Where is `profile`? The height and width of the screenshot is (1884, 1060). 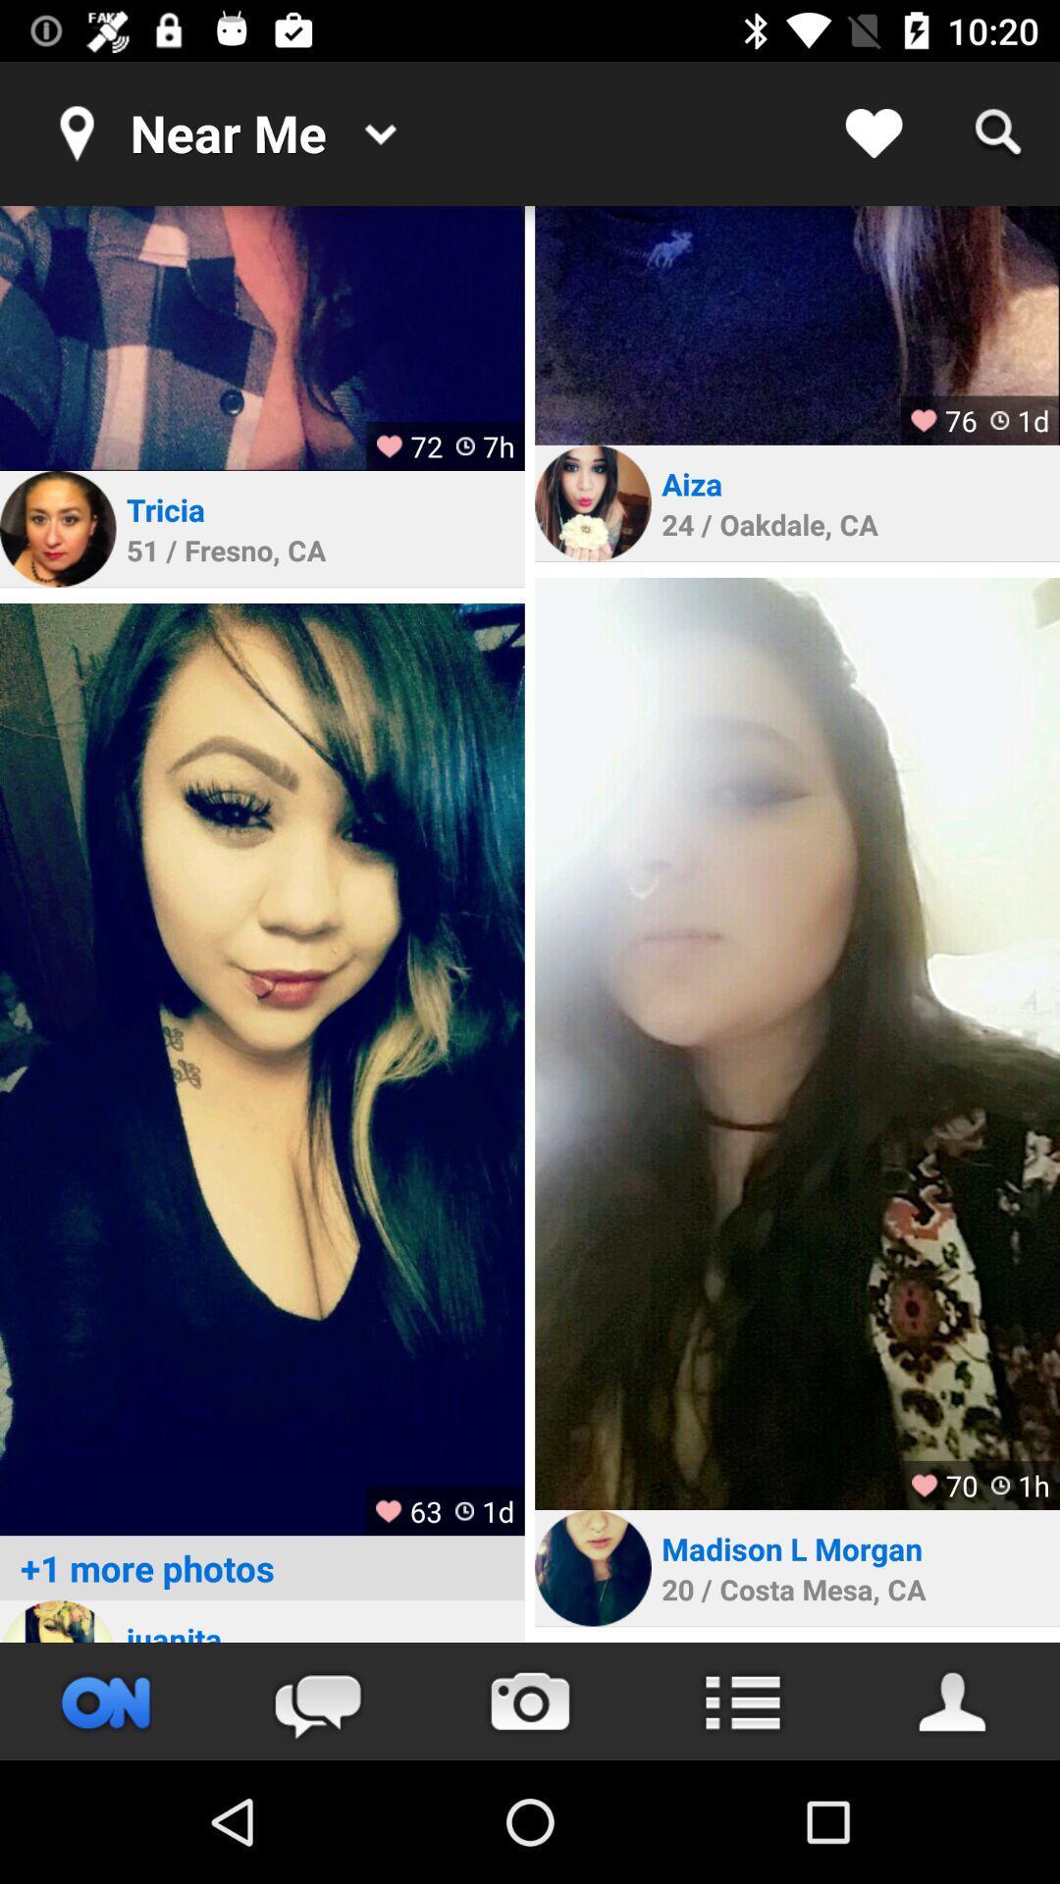
profile is located at coordinates (592, 503).